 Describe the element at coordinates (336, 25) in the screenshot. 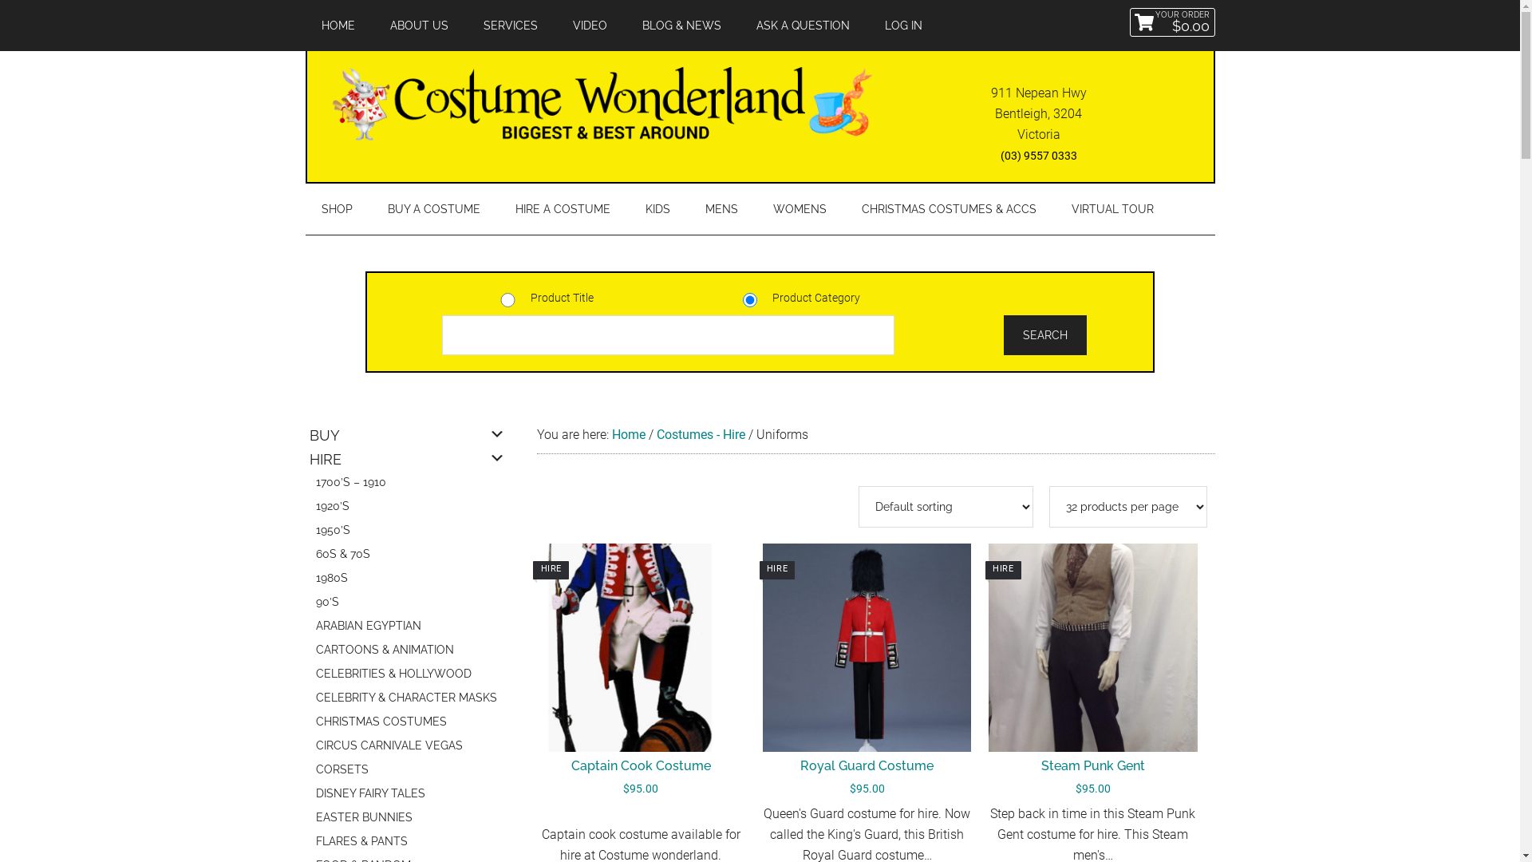

I see `'HOME'` at that location.